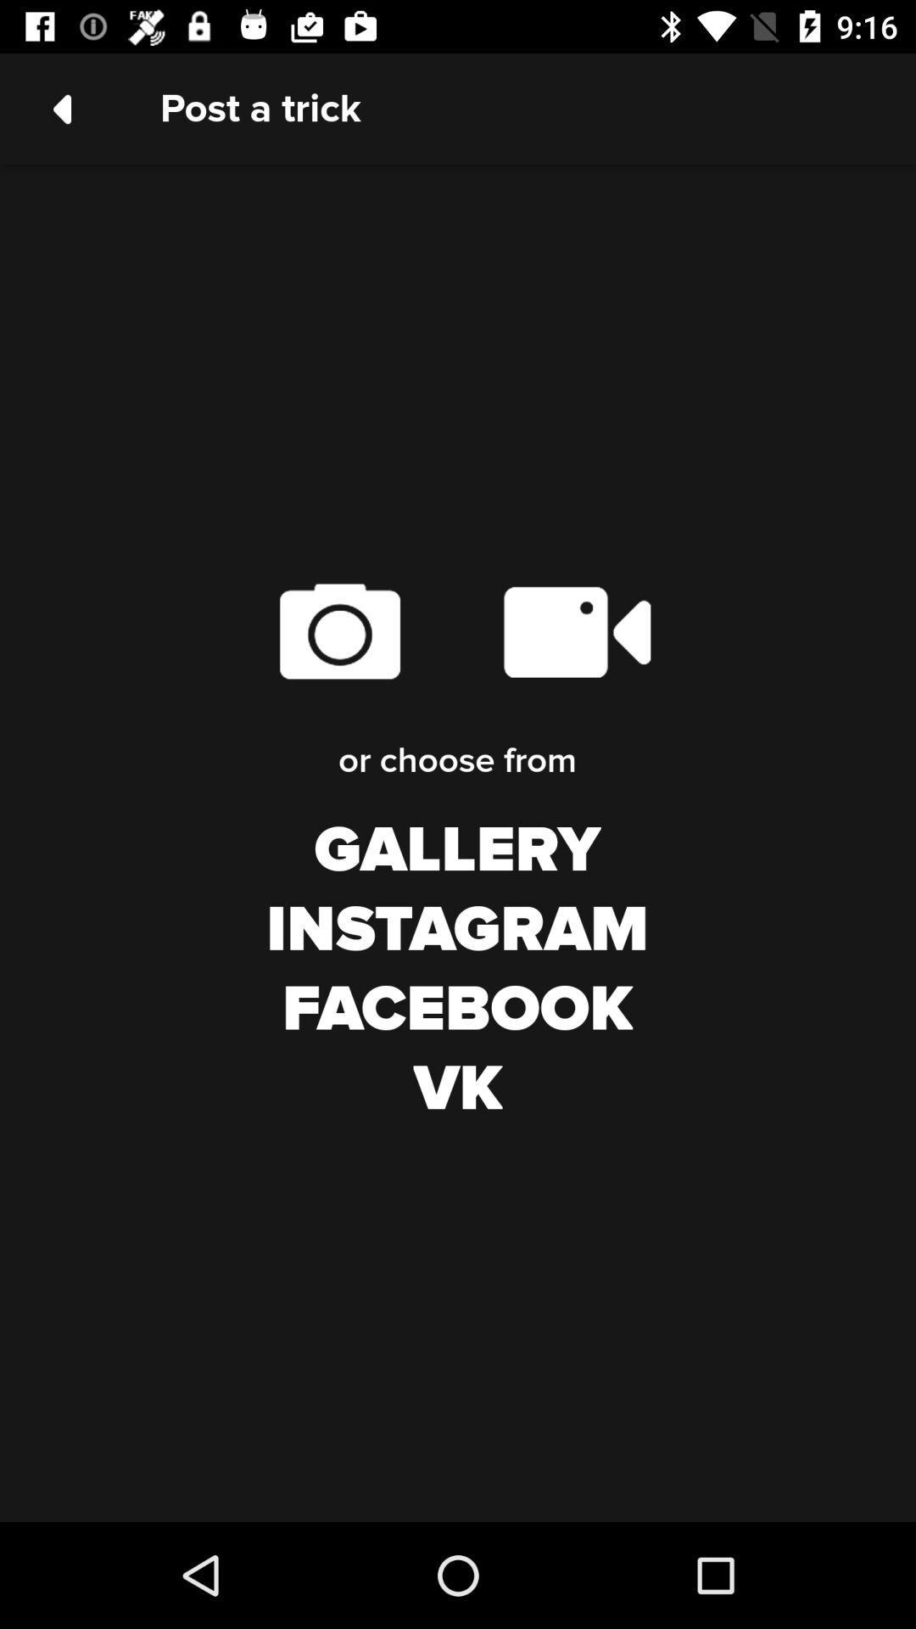 This screenshot has width=916, height=1629. What do you see at coordinates (456, 929) in the screenshot?
I see `the instagram item` at bounding box center [456, 929].